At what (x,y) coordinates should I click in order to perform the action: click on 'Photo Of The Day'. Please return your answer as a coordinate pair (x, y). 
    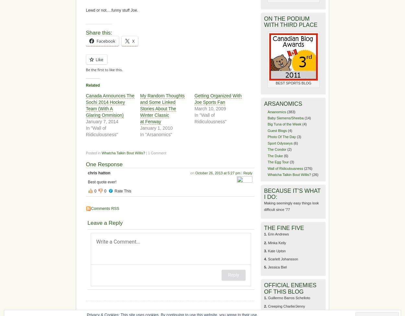
    Looking at the image, I should click on (281, 137).